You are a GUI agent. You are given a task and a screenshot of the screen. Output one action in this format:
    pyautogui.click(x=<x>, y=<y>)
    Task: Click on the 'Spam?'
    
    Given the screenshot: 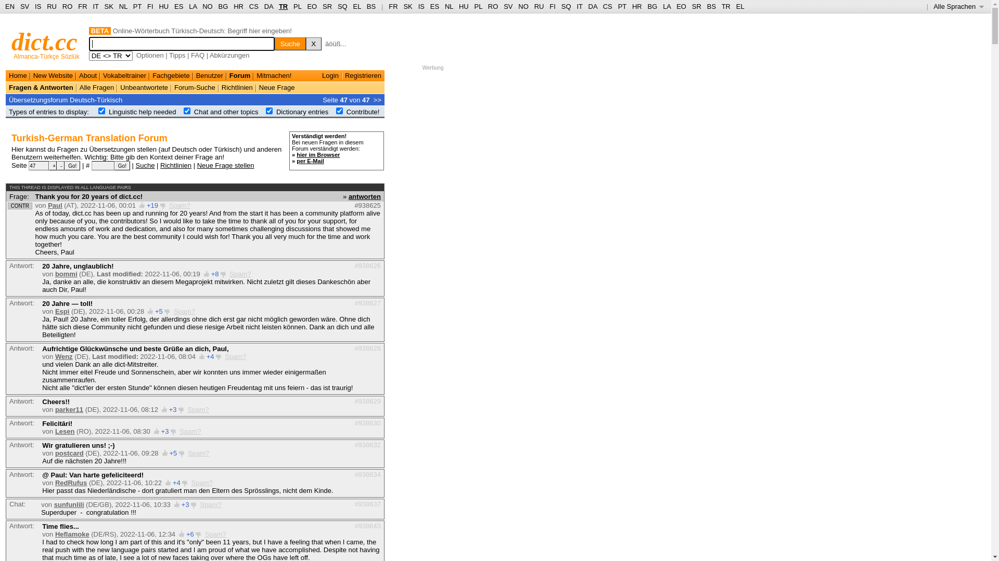 What is the action you would take?
    pyautogui.click(x=229, y=273)
    